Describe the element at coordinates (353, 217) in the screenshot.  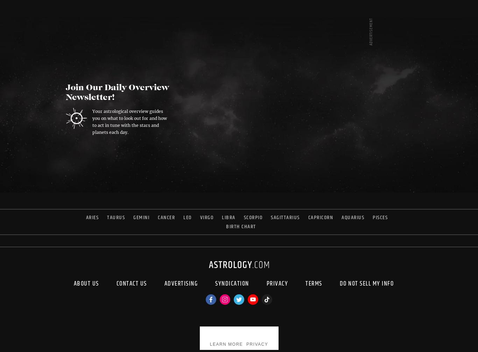
I see `'Aquarius'` at that location.